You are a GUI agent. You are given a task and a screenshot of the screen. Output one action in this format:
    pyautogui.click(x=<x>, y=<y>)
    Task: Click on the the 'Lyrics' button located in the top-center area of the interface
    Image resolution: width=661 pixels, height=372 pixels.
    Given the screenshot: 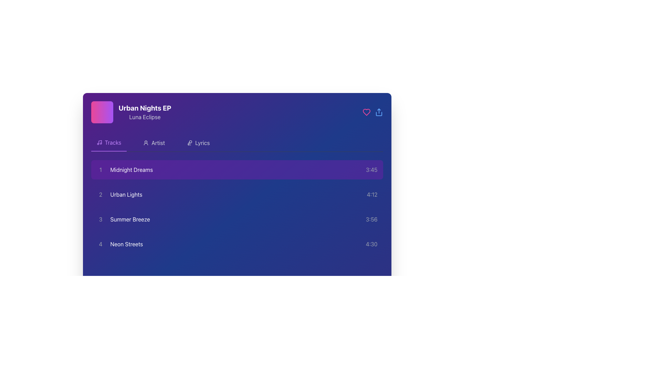 What is the action you would take?
    pyautogui.click(x=202, y=143)
    